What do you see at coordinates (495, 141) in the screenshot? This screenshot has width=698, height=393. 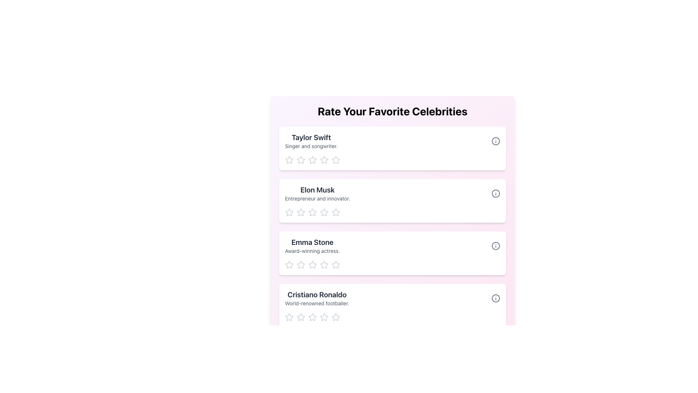 I see `the SVG Circle icon representing Taylor Swift in the 'Rate Your Favorite Celebrities' list, located in the top right corner of the row` at bounding box center [495, 141].